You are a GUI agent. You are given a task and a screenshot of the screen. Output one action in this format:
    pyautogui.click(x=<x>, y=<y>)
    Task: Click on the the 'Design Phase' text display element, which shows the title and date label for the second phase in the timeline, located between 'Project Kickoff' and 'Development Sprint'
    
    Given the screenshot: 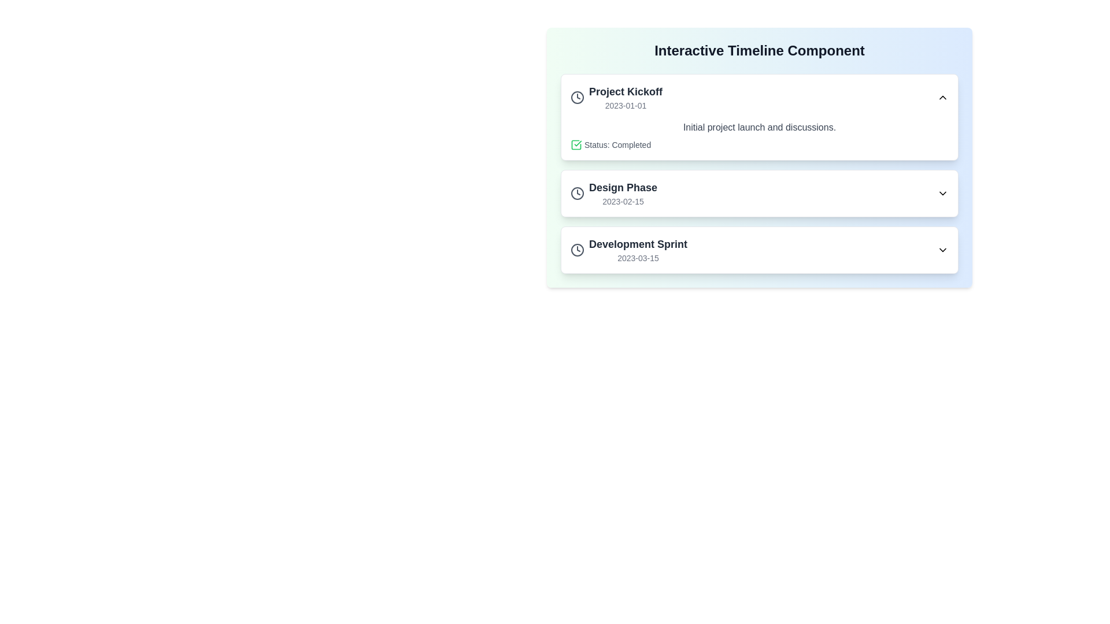 What is the action you would take?
    pyautogui.click(x=623, y=193)
    